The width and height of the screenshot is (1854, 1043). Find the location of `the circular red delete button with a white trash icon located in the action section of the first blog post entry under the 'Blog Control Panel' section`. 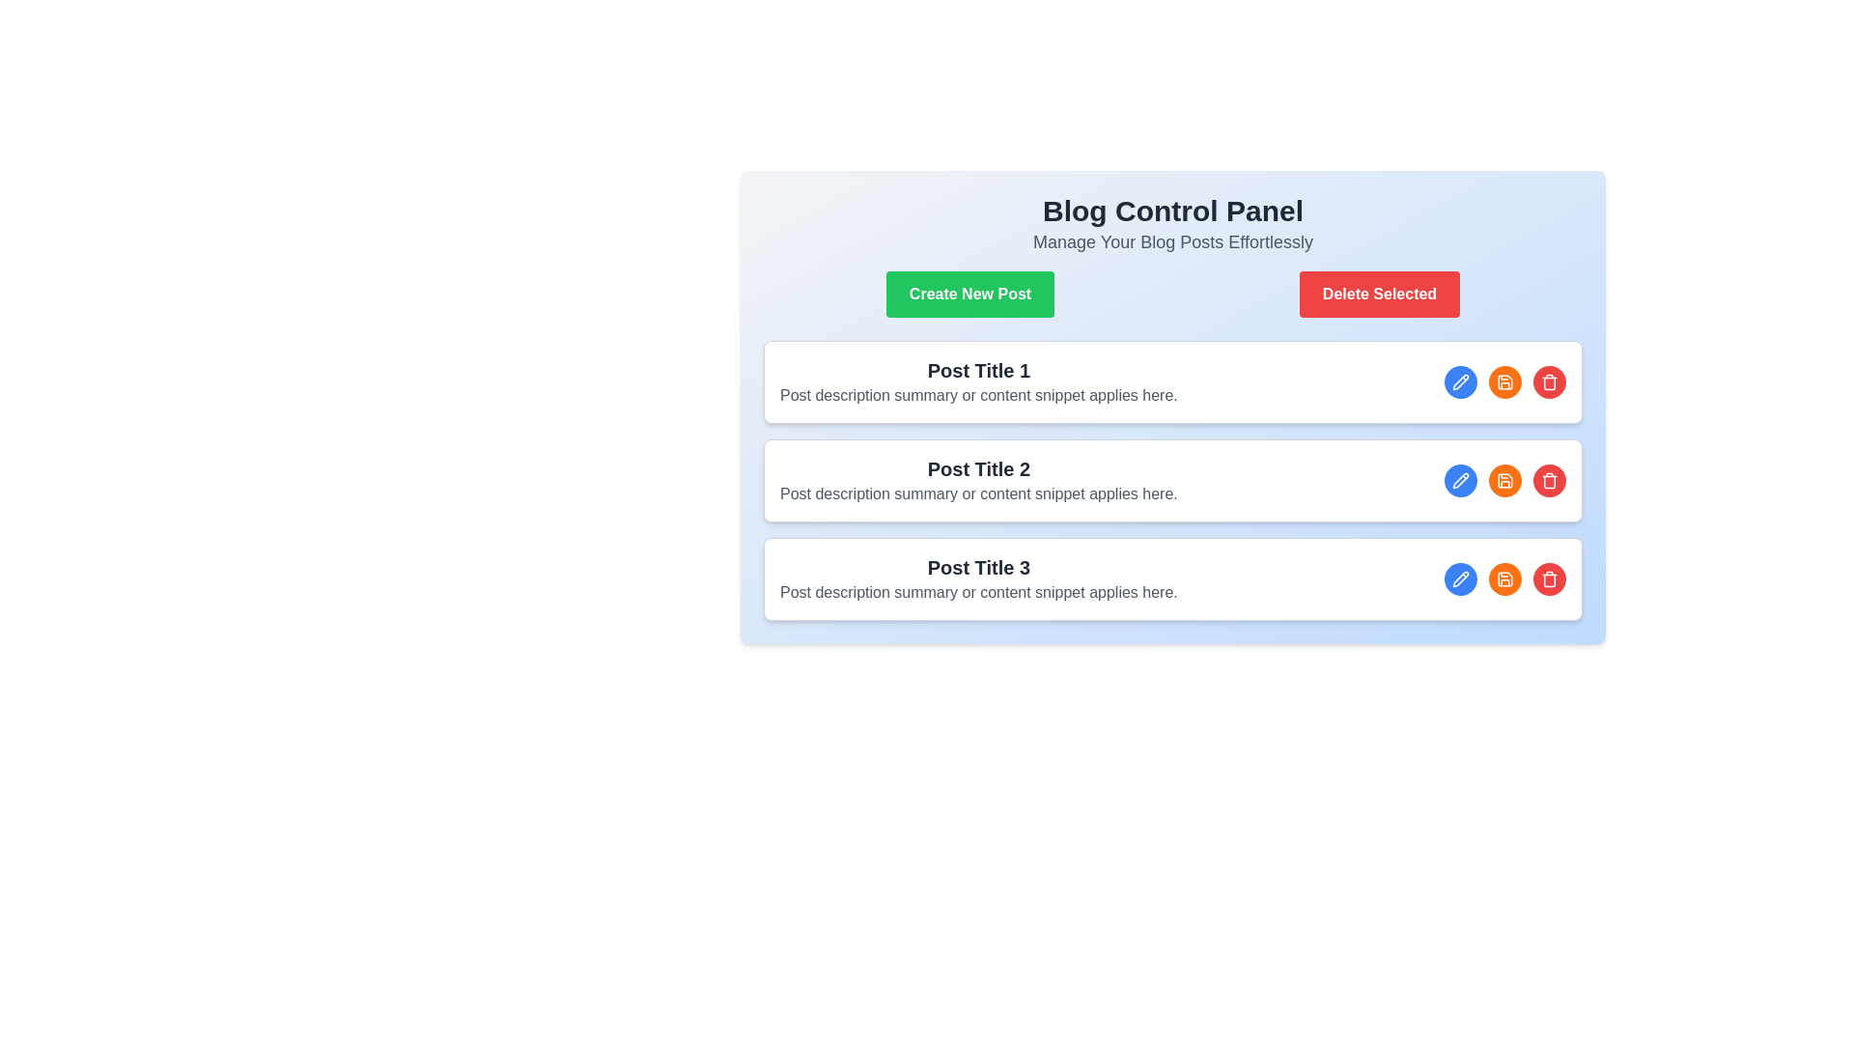

the circular red delete button with a white trash icon located in the action section of the first blog post entry under the 'Blog Control Panel' section is located at coordinates (1549, 382).